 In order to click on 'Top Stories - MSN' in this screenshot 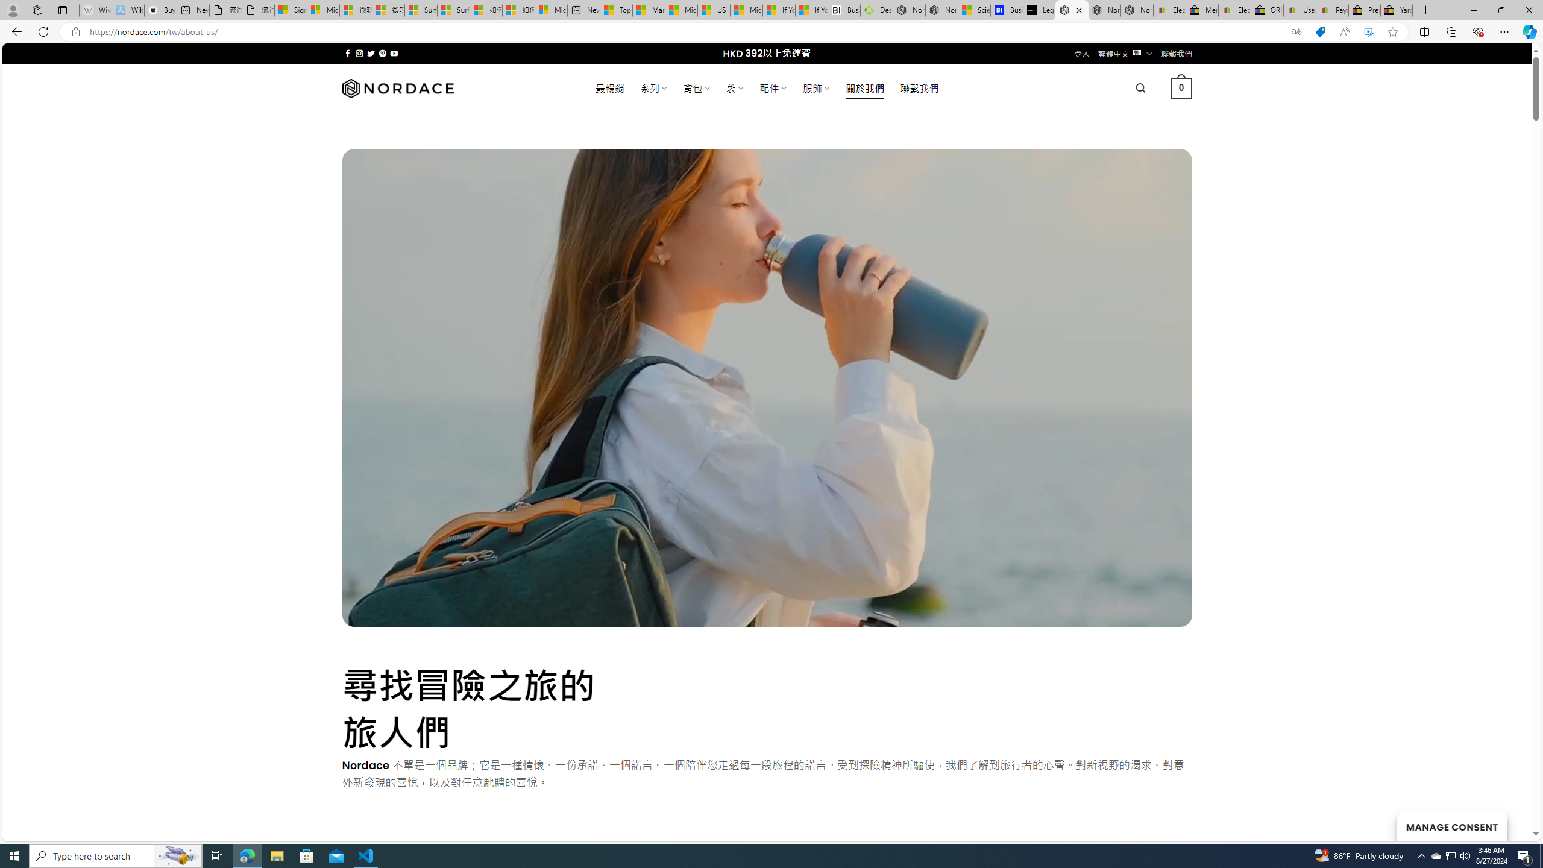, I will do `click(616, 10)`.